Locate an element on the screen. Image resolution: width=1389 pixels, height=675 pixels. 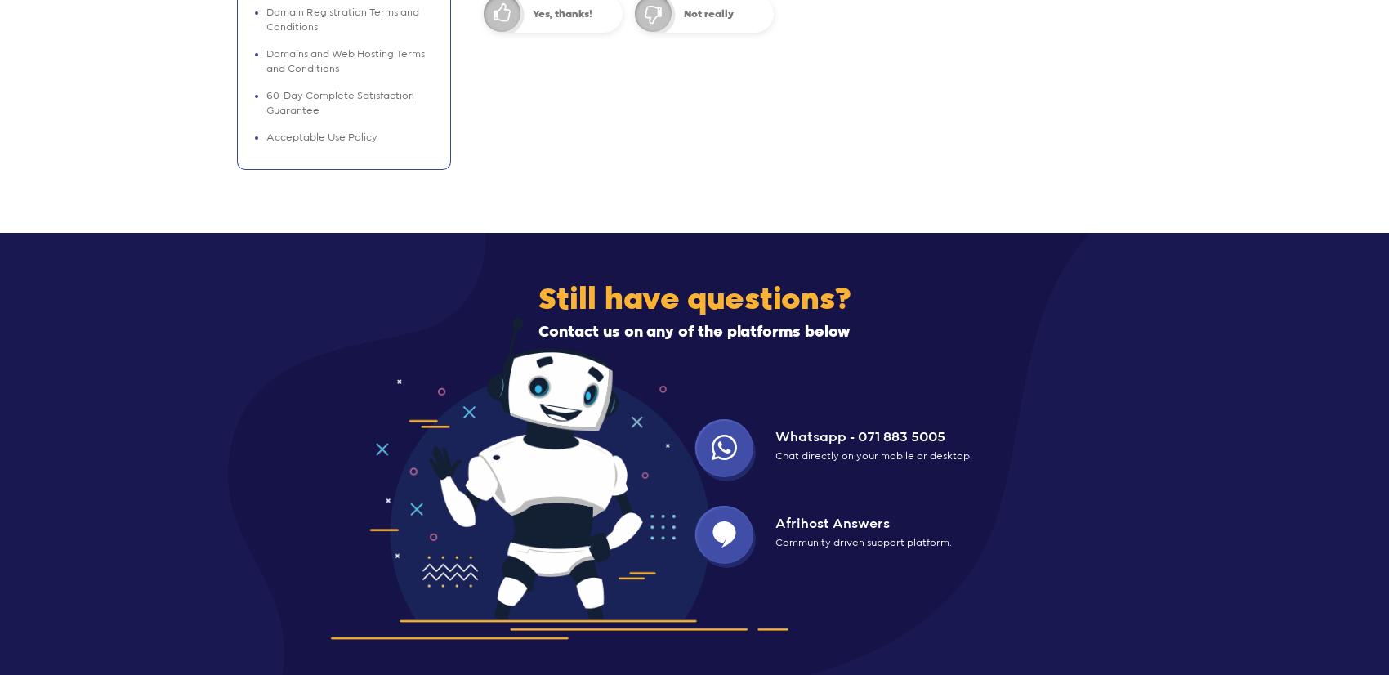
'Domain Registration Terms and Conditions' is located at coordinates (342, 20).